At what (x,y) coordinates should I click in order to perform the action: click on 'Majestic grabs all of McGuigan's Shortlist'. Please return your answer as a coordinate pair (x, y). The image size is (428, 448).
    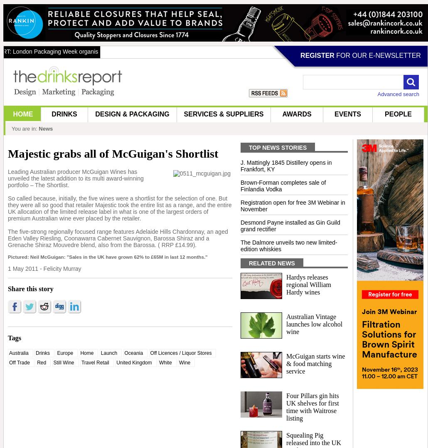
    Looking at the image, I should click on (113, 153).